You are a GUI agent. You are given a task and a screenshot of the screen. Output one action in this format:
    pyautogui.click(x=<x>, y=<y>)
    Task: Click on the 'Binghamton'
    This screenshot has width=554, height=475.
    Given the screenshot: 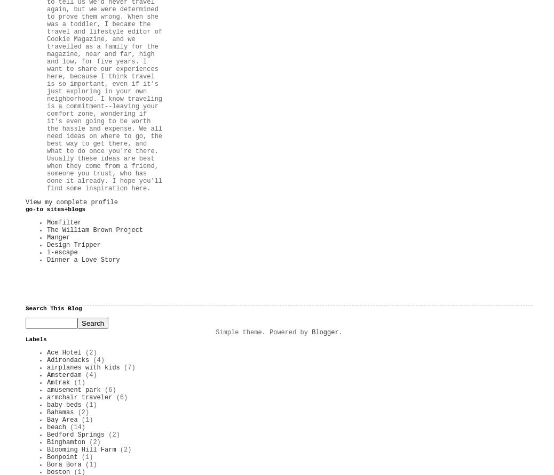 What is the action you would take?
    pyautogui.click(x=66, y=441)
    